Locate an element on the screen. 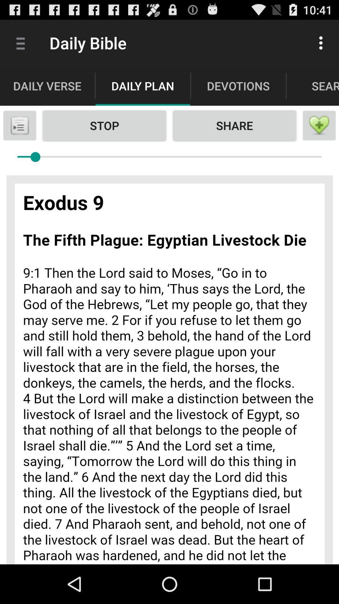 This screenshot has height=604, width=339. menu page is located at coordinates (319, 125).